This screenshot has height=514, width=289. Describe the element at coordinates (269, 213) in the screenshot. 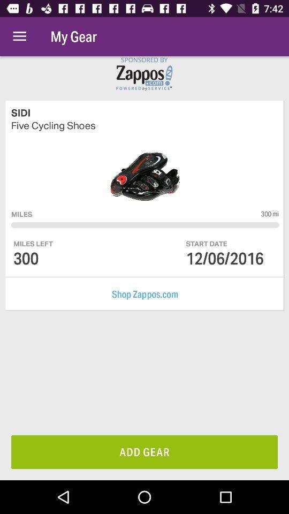

I see `the 300 mi icon` at that location.